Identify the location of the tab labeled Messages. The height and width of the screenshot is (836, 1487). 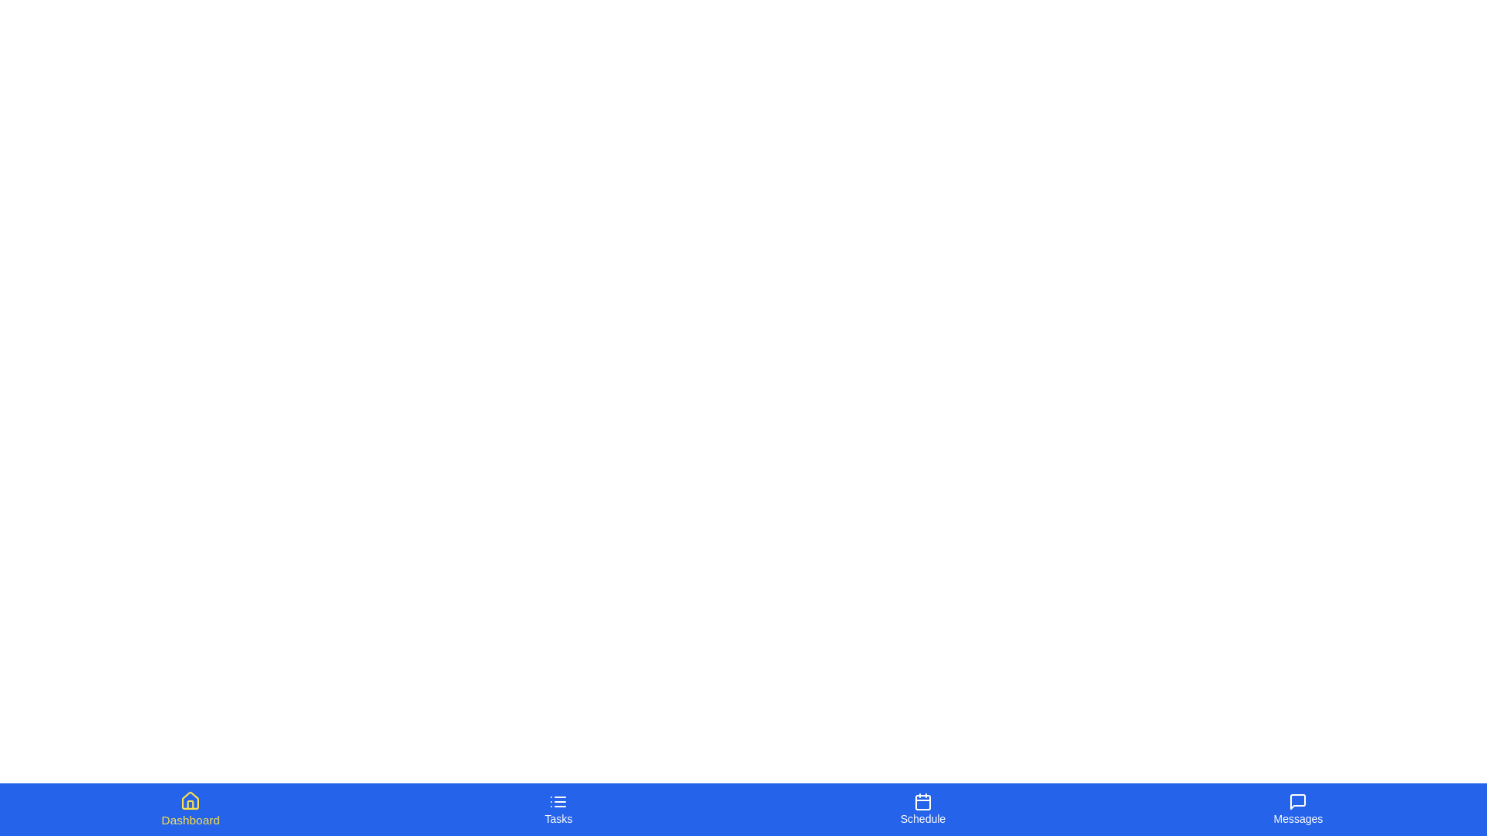
(1298, 808).